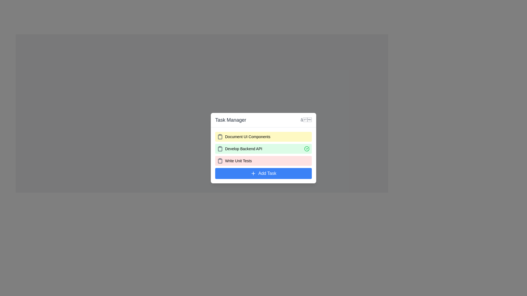 Image resolution: width=527 pixels, height=296 pixels. What do you see at coordinates (253, 173) in the screenshot?
I see `the plus icon that signifies adding an item, located to the left of the 'Add Task' button` at bounding box center [253, 173].